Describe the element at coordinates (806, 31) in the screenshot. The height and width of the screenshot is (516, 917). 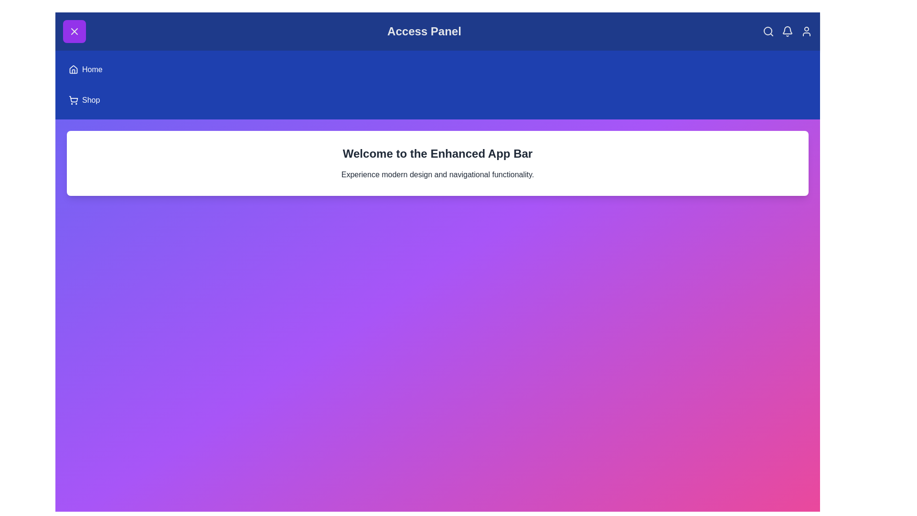
I see `the 'User Profile' icon` at that location.